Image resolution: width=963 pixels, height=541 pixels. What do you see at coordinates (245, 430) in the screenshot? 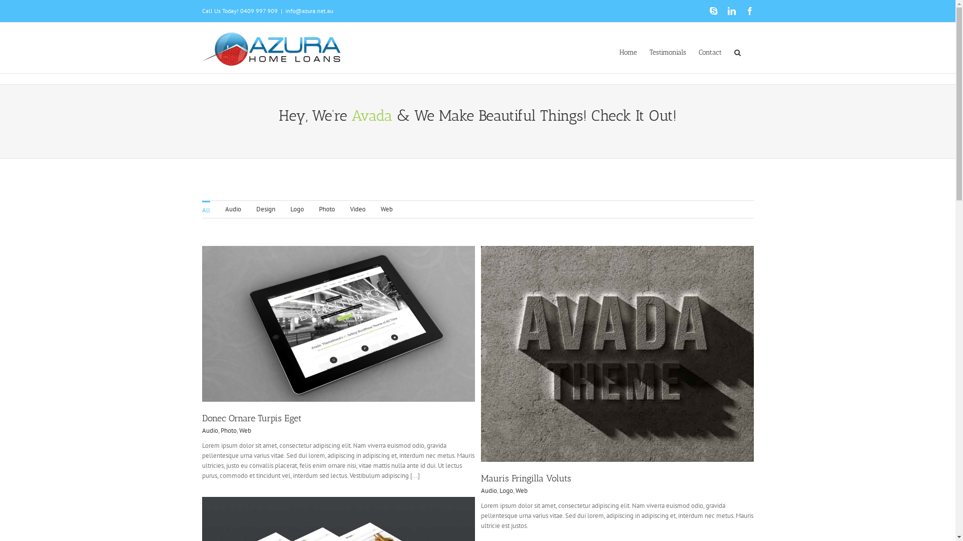
I see `'Web'` at bounding box center [245, 430].